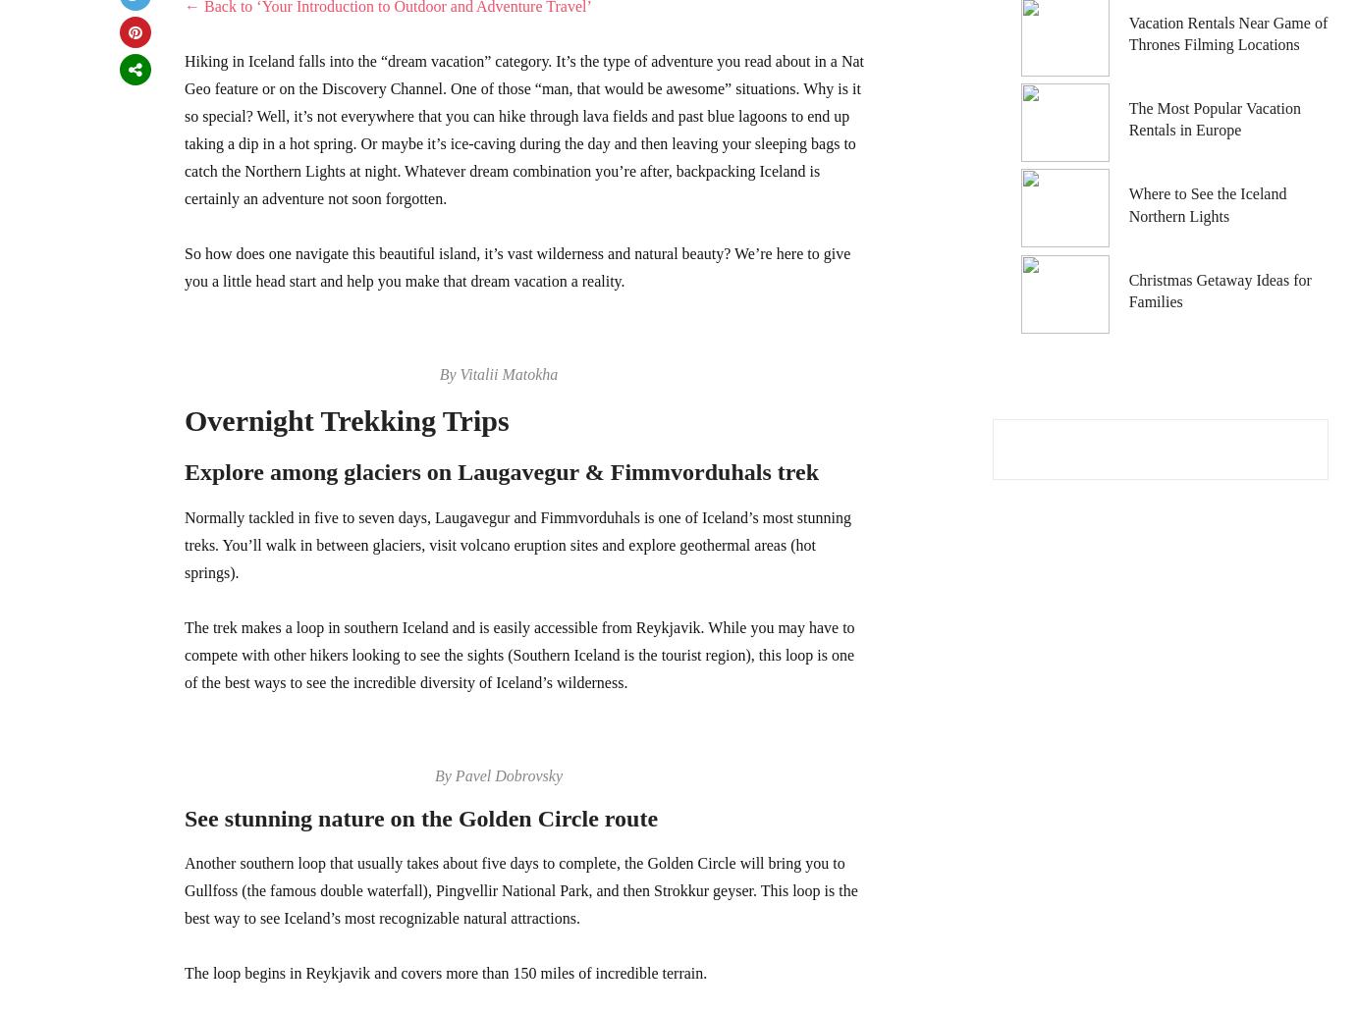 Image resolution: width=1356 pixels, height=1013 pixels. I want to click on 'By Vitalii Matokha', so click(497, 373).